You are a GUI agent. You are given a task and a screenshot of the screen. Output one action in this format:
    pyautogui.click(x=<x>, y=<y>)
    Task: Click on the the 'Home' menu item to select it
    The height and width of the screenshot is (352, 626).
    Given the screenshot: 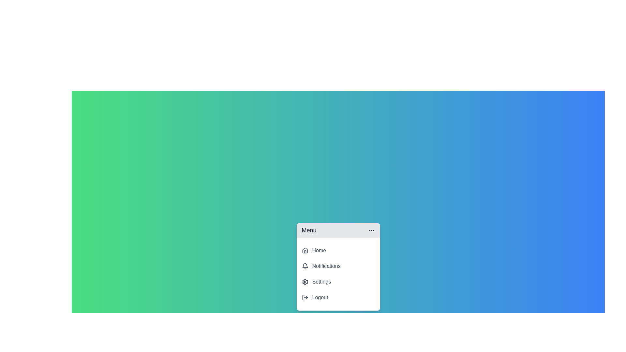 What is the action you would take?
    pyautogui.click(x=338, y=250)
    